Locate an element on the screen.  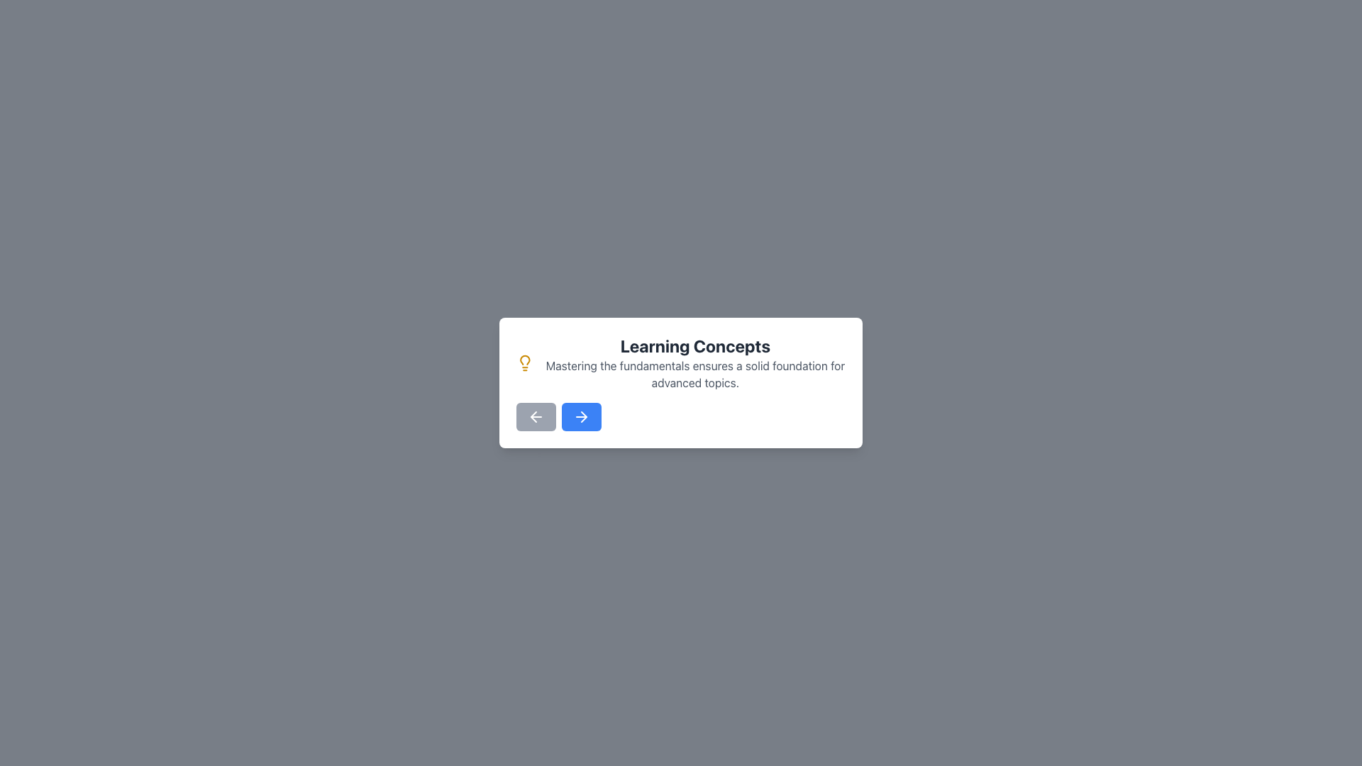
the blue button containing a rightward arrow vector graphic is located at coordinates (582, 416).